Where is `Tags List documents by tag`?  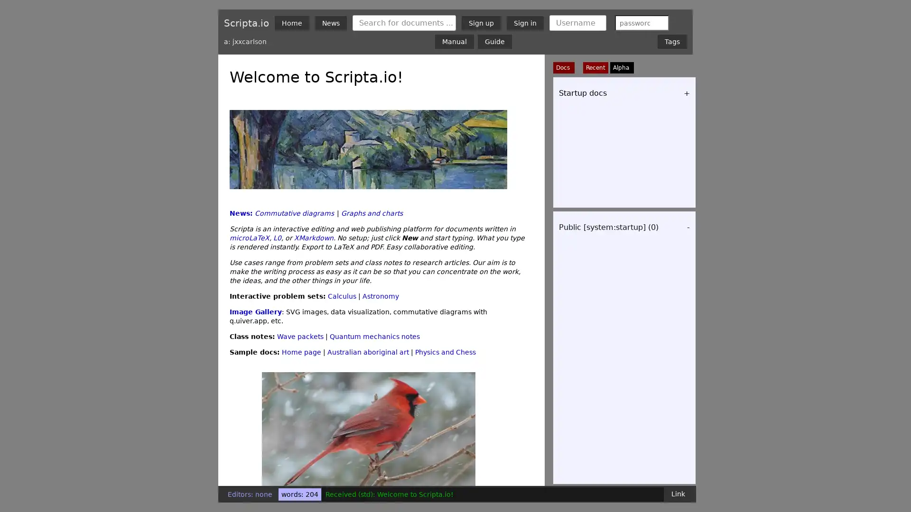 Tags List documents by tag is located at coordinates (671, 41).